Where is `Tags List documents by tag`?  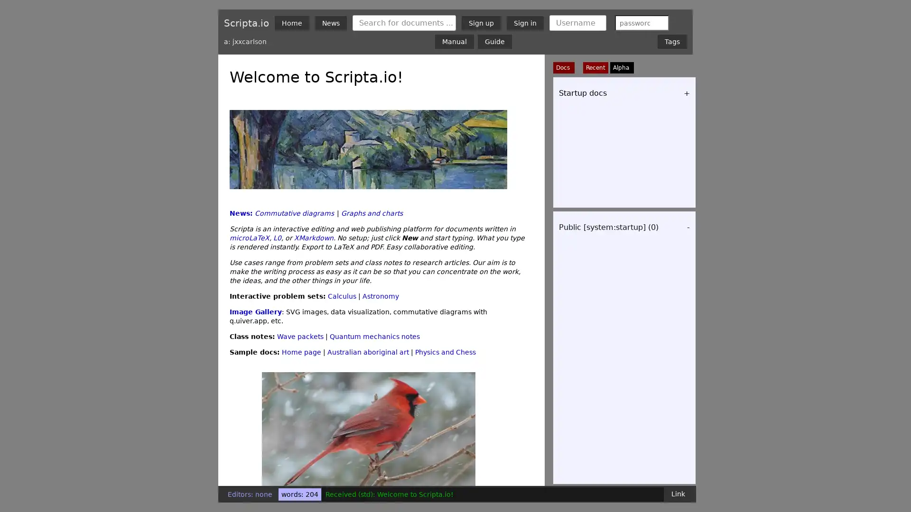 Tags List documents by tag is located at coordinates (671, 41).